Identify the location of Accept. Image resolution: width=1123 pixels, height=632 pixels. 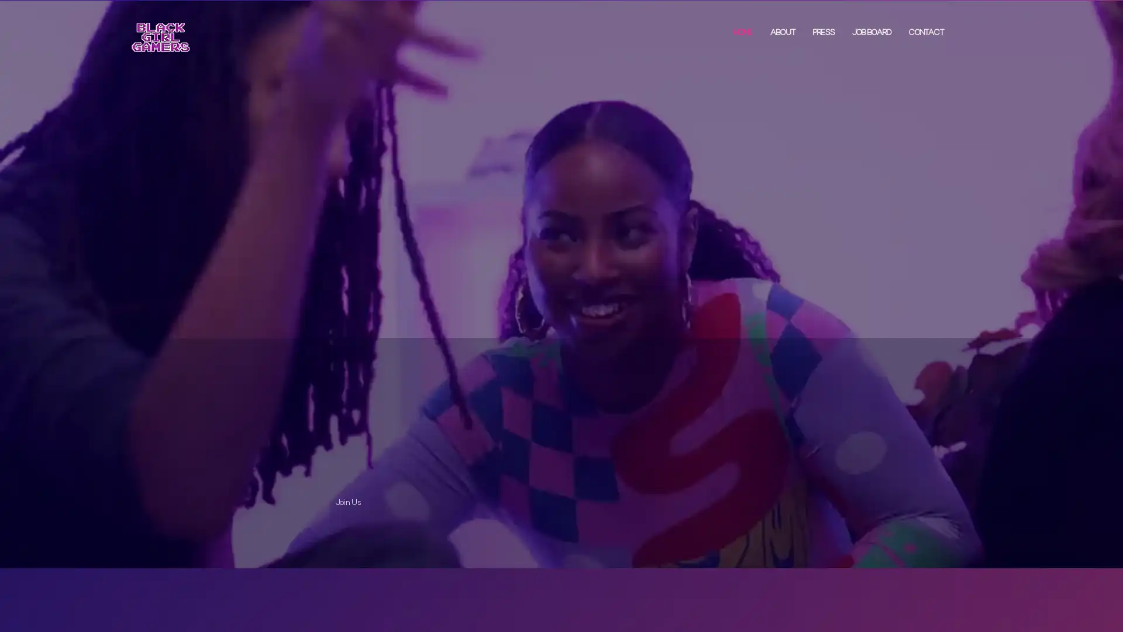
(1073, 613).